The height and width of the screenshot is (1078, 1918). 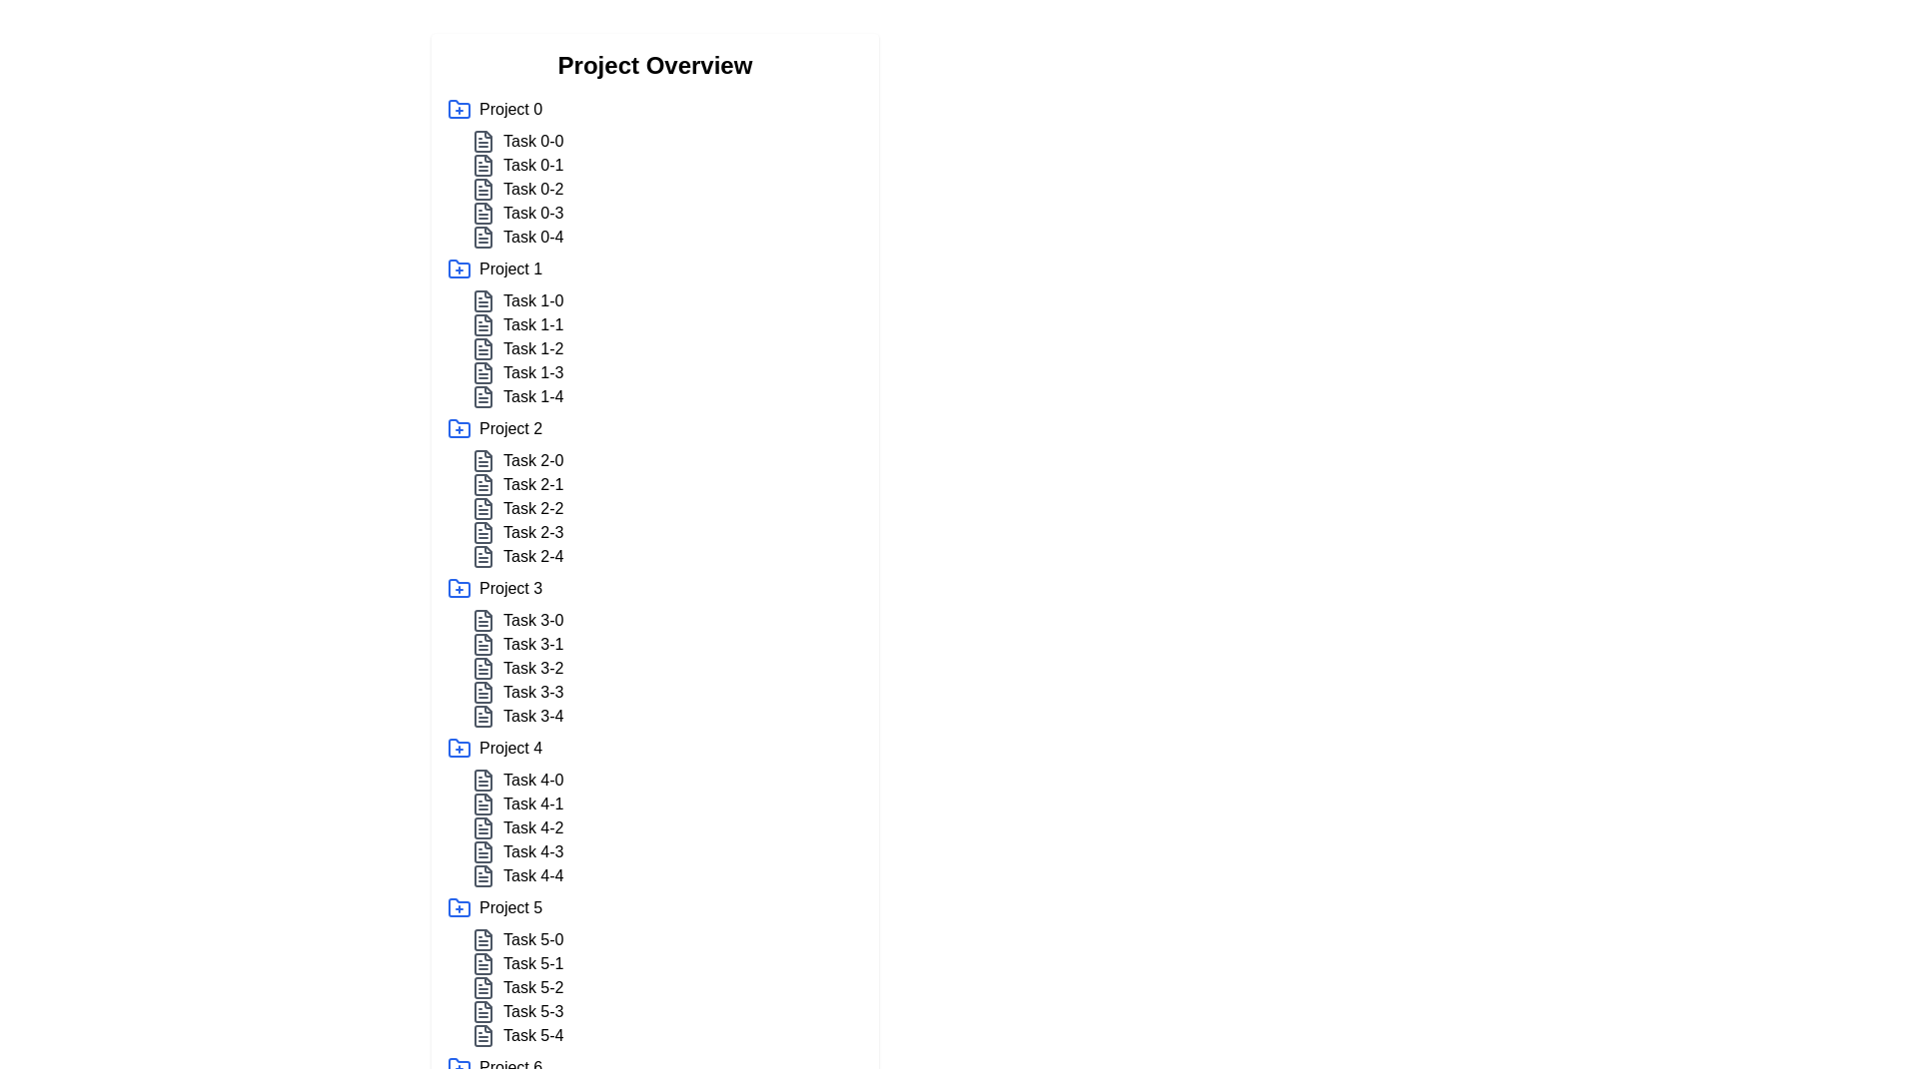 I want to click on the Static Text Label for 'Task 1-1' in the project overview interface, which is positioned between 'Task 1-0' and 'Task 1-2', so click(x=533, y=324).